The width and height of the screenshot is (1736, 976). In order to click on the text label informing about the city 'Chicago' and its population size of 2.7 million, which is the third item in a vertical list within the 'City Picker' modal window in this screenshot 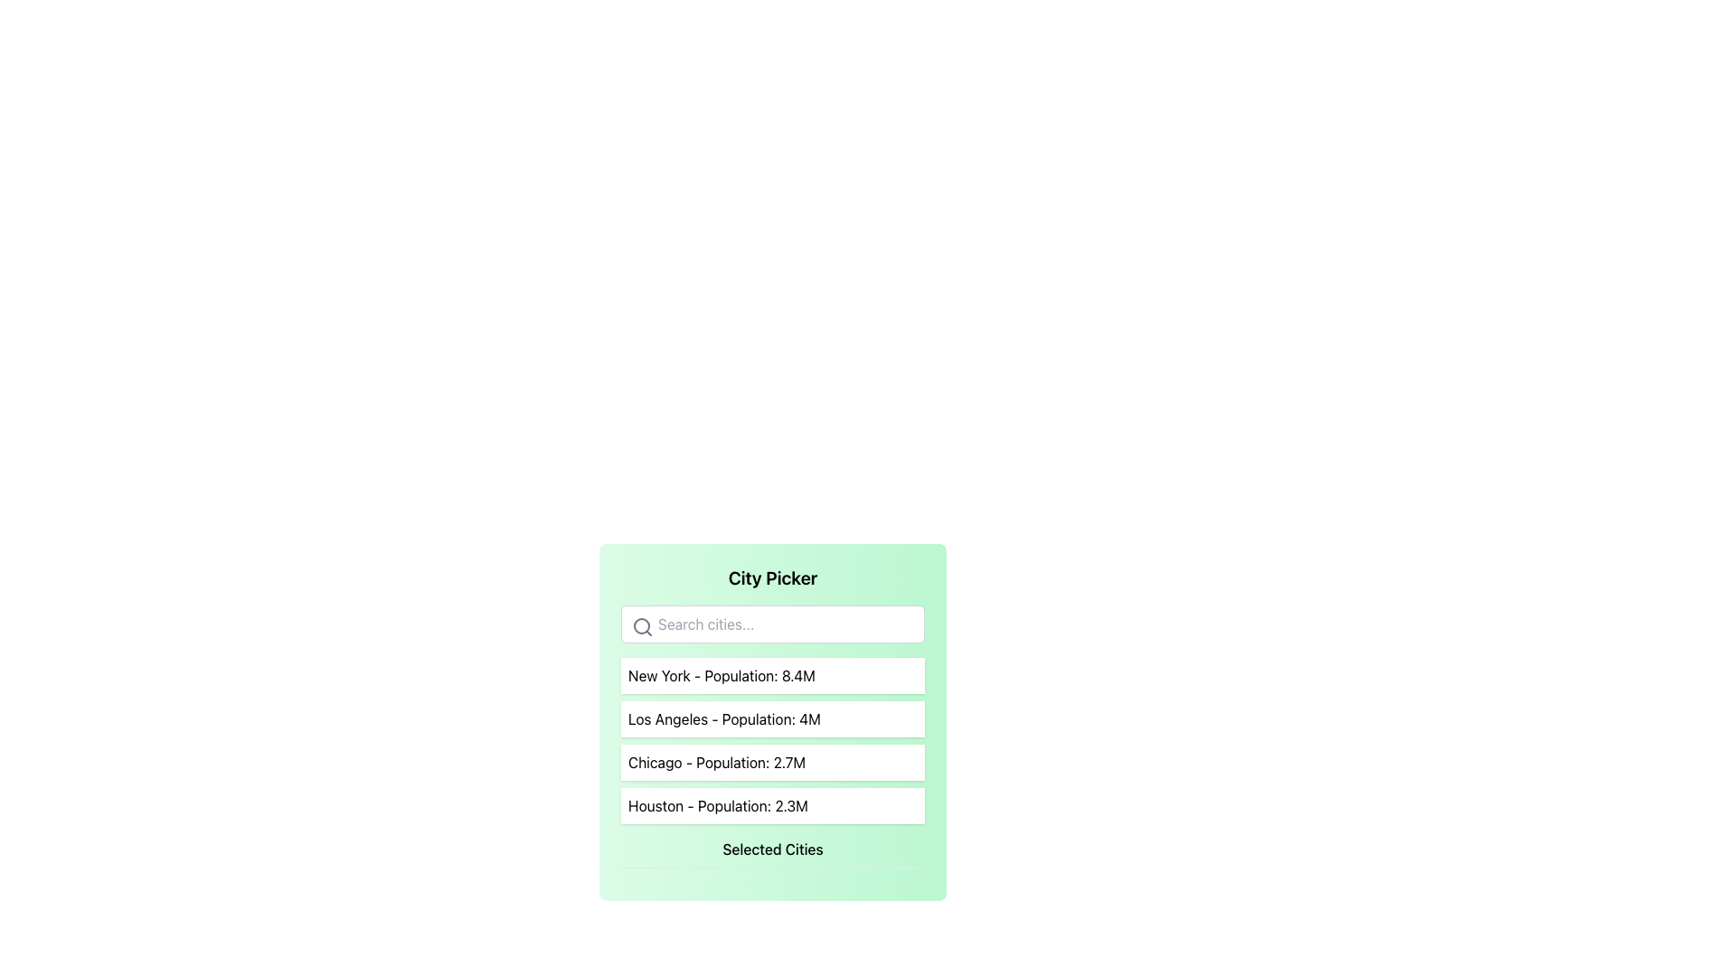, I will do `click(716, 763)`.